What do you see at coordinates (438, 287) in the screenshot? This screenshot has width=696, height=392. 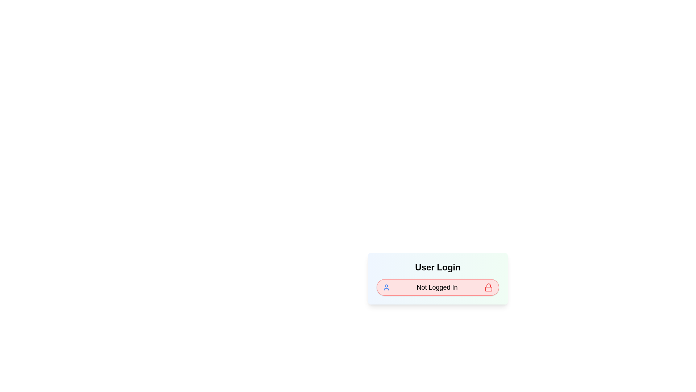 I see `the login chip to toggle the login state` at bounding box center [438, 287].